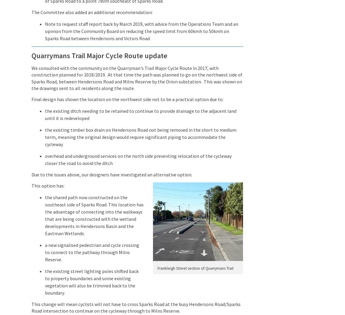 This screenshot has width=345, height=315. Describe the element at coordinates (112, 174) in the screenshot. I see `'Due to the issues above, our designers have investigated an alternative option.'` at that location.